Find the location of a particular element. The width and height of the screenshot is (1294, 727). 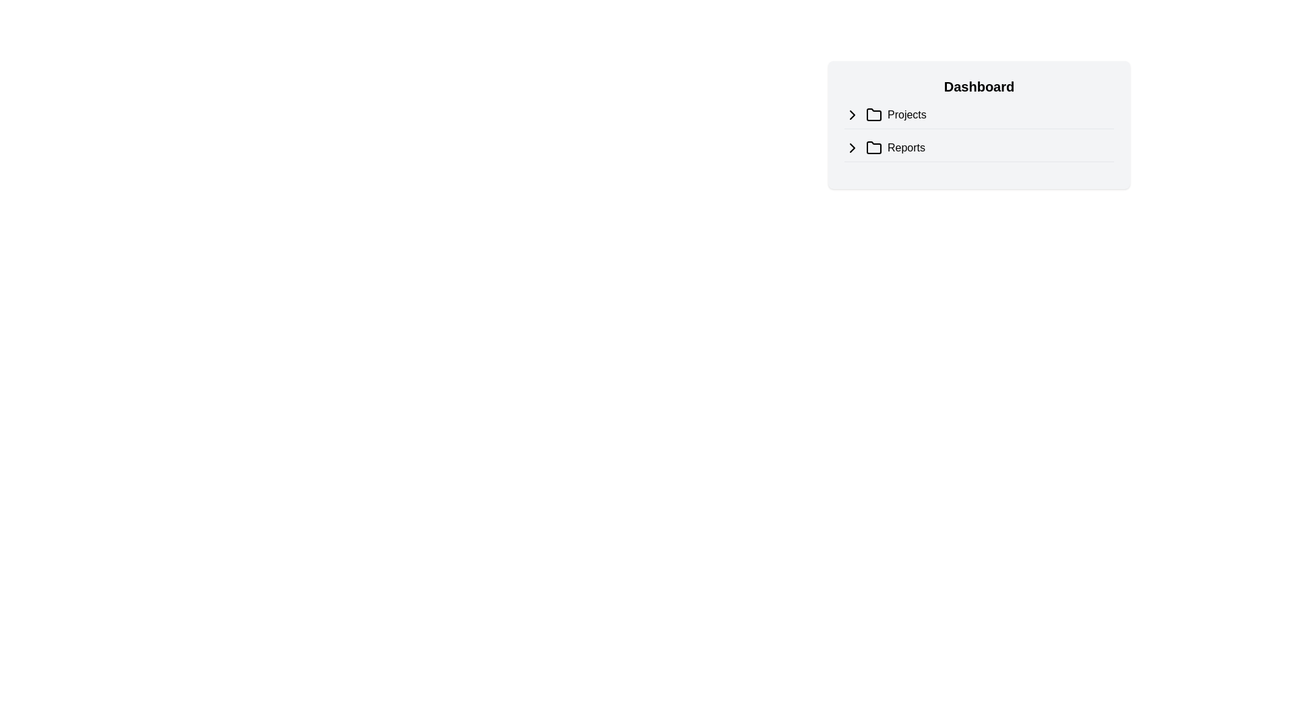

the vector graphic icon shaped like a folder, located to the left of the 'Projects' label in the 'Dashboard' section is located at coordinates (873, 113).